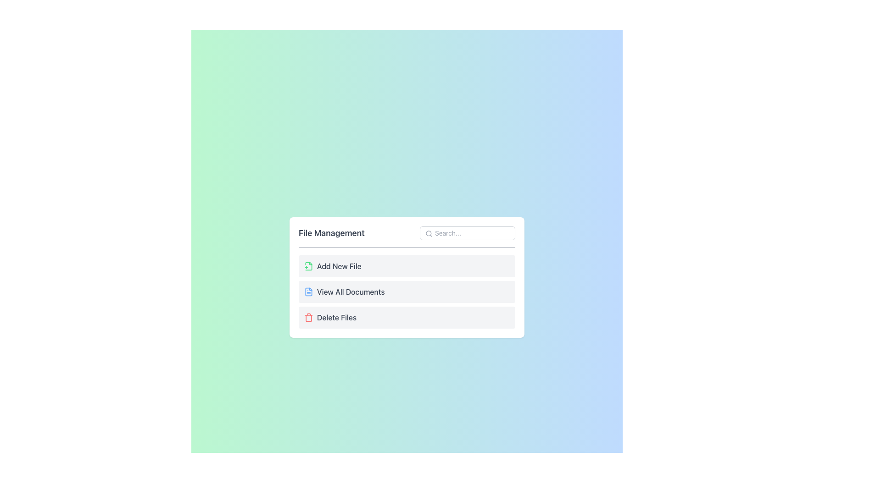 This screenshot has width=881, height=495. Describe the element at coordinates (407, 291) in the screenshot. I see `the 'View All Documents' button, which is the second item in the vertical list of options in the 'File Management' section` at that location.